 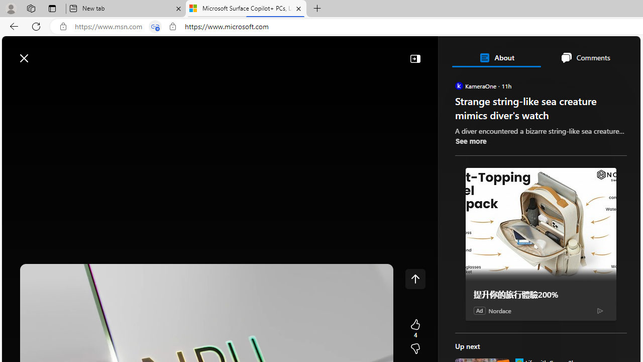 I want to click on 'Dislike', so click(x=415, y=348).